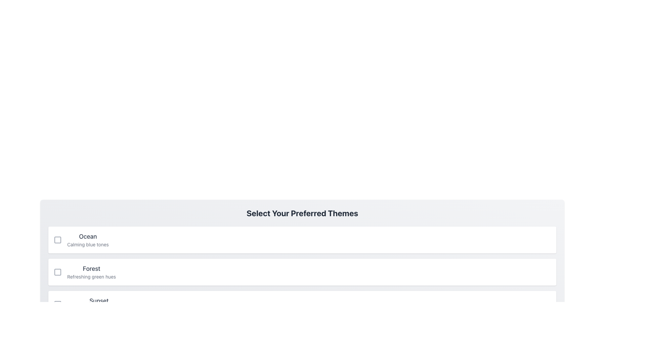  I want to click on the small square icon with rounded corners located to the left of the 'Ocean' theme option in the list of selectable themes, so click(58, 240).